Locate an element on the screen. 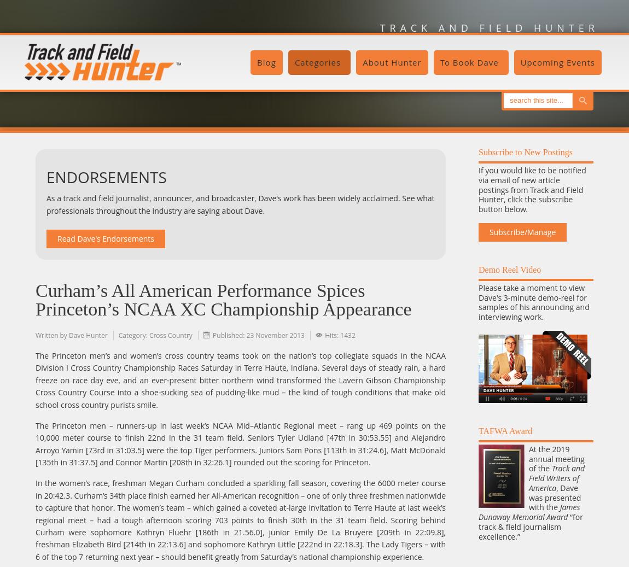 This screenshot has height=567, width=629. 'Categories' is located at coordinates (317, 61).